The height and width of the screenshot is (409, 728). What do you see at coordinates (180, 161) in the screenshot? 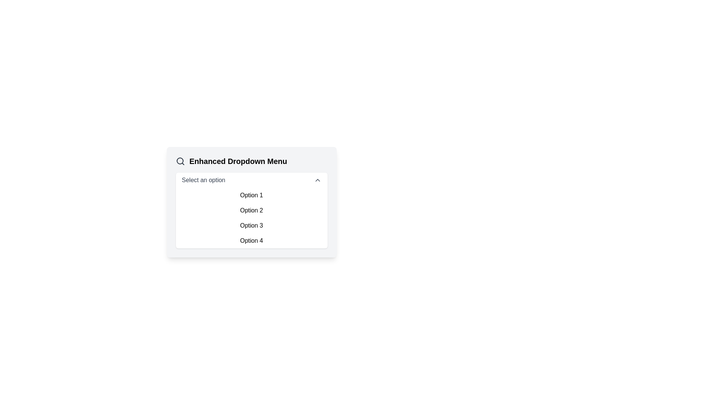
I see `the magnifying glass icon located to the left of the 'Enhanced Dropdown Menu' text in the header section` at bounding box center [180, 161].